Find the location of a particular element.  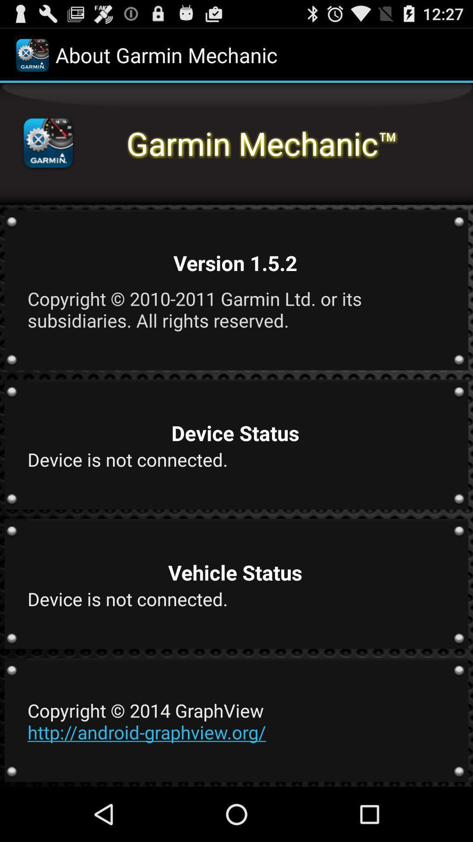

the copyright 2014 graphview item is located at coordinates (235, 721).